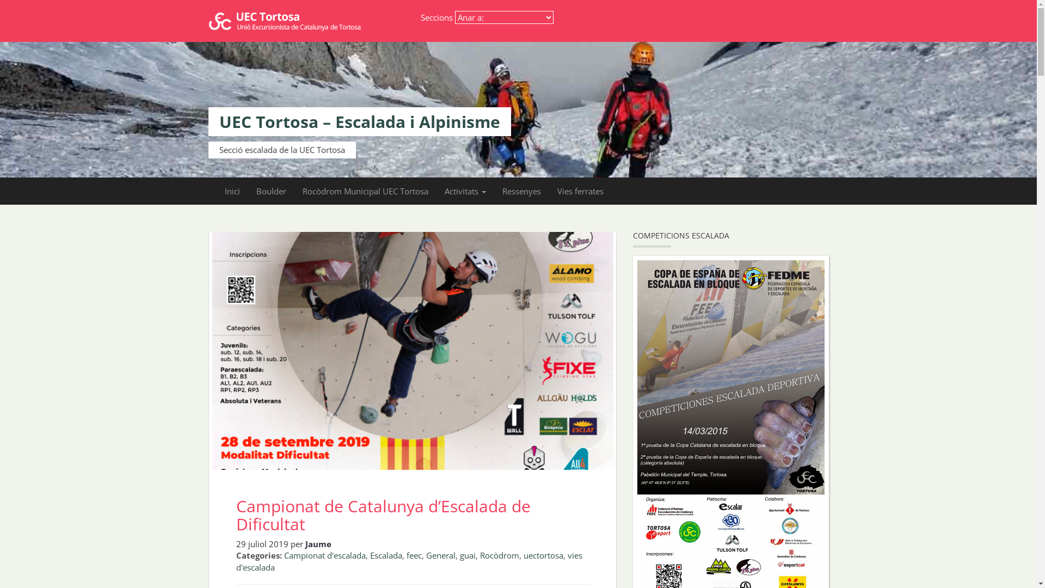 Image resolution: width=1045 pixels, height=588 pixels. I want to click on 'Escalada', so click(370, 555).